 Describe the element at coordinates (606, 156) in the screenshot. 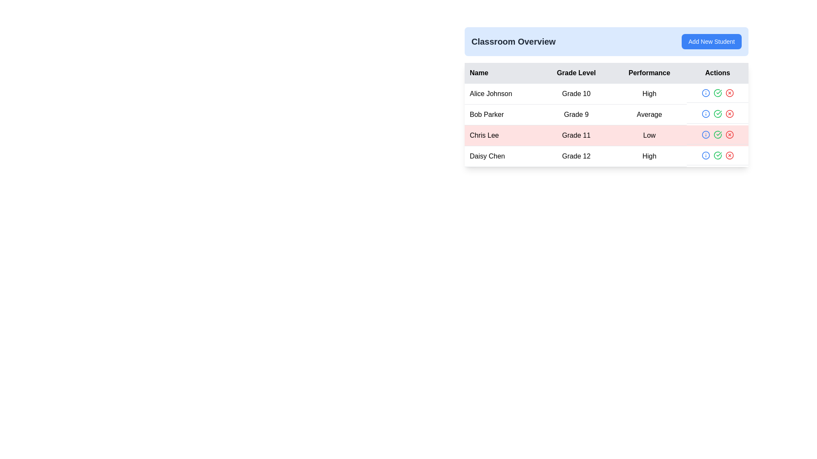

I see `one of the interactive icons in the 'Actions' column of the table row displaying 'Daisy Chen', 'Grade 12', and 'High'. This is the fourth row in the table` at that location.